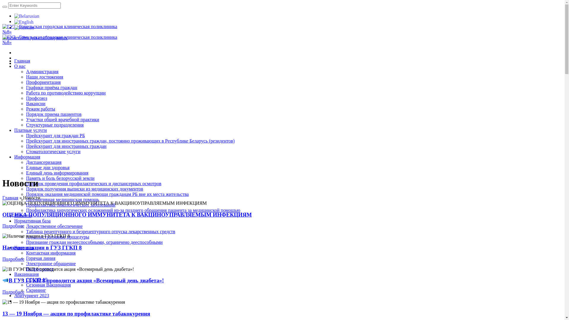 This screenshot has width=569, height=320. What do you see at coordinates (24, 21) in the screenshot?
I see `'English'` at bounding box center [24, 21].